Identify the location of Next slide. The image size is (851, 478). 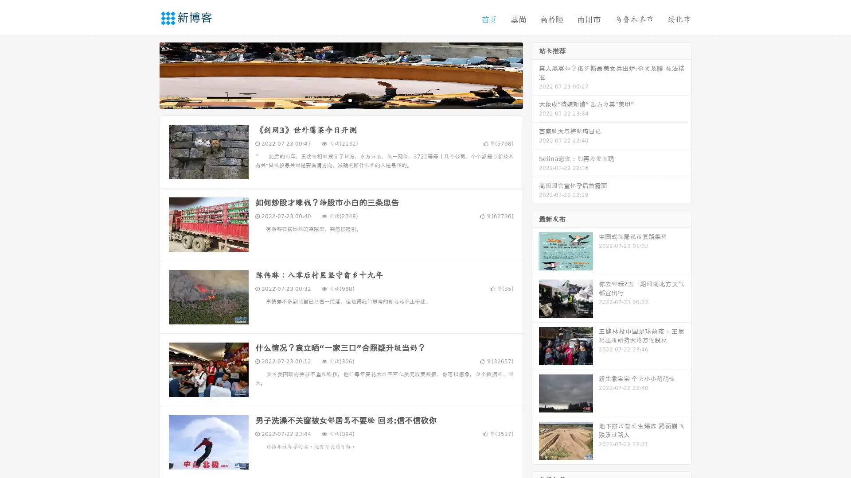
(535, 74).